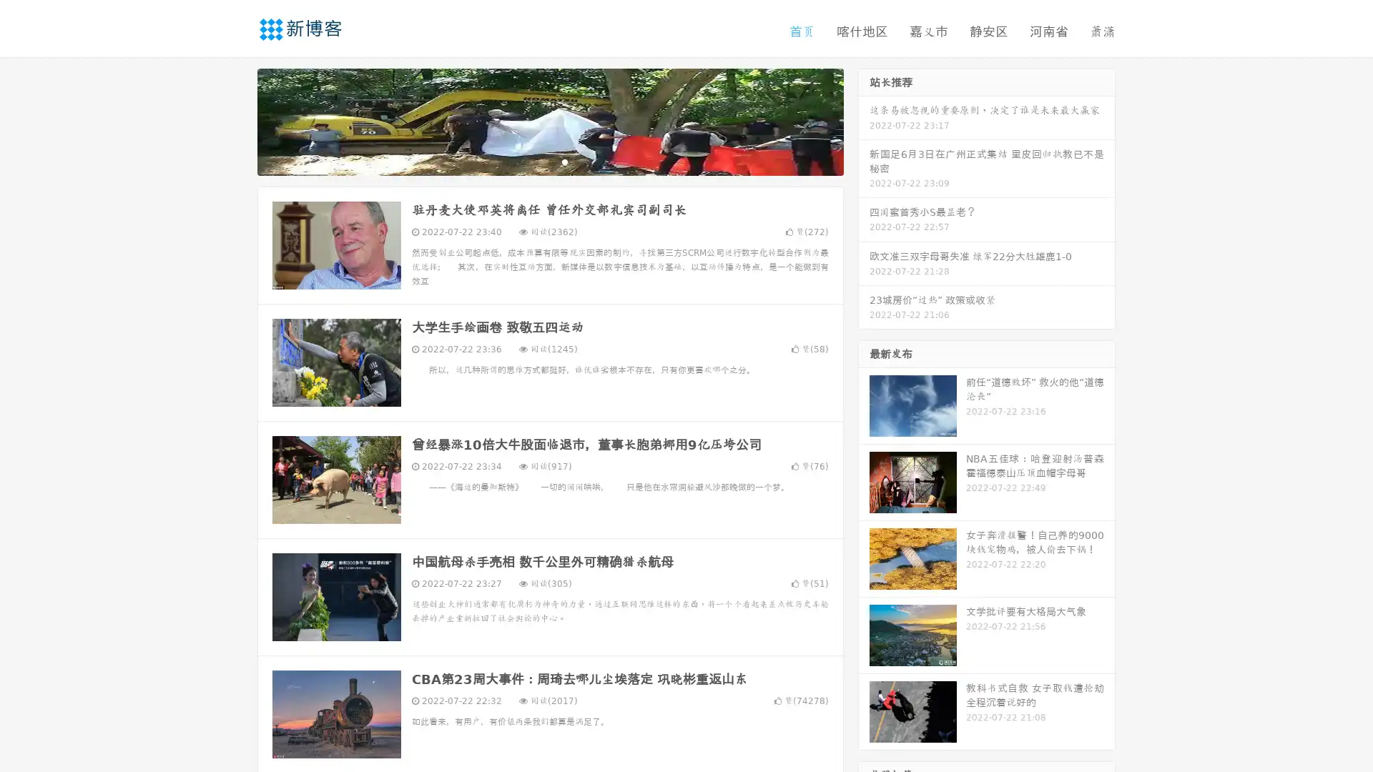 This screenshot has width=1373, height=772. What do you see at coordinates (564, 161) in the screenshot?
I see `Go to slide 3` at bounding box center [564, 161].